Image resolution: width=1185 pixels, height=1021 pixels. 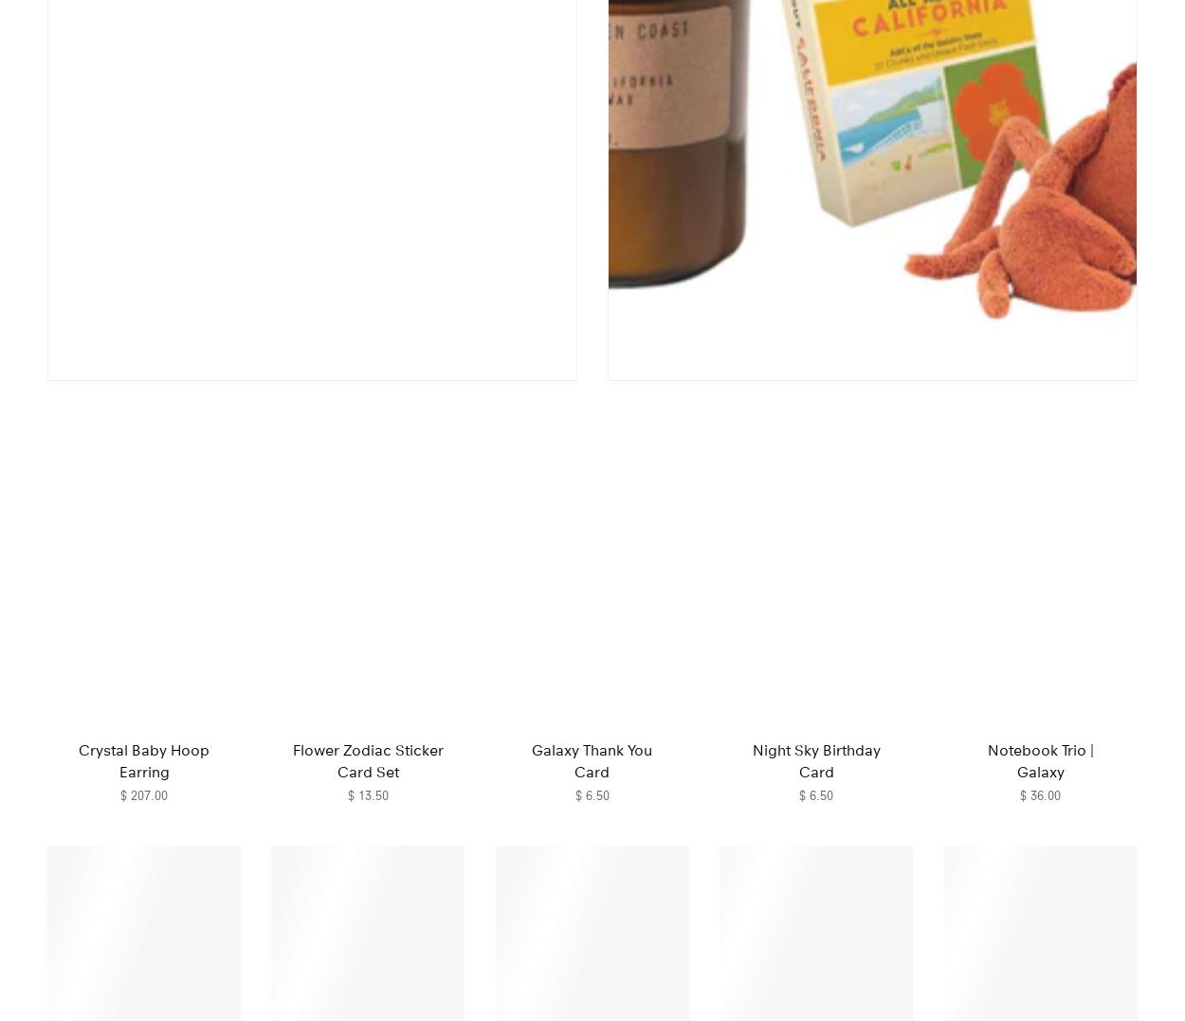 What do you see at coordinates (144, 760) in the screenshot?
I see `'Crystal Baby Hoop Earring'` at bounding box center [144, 760].